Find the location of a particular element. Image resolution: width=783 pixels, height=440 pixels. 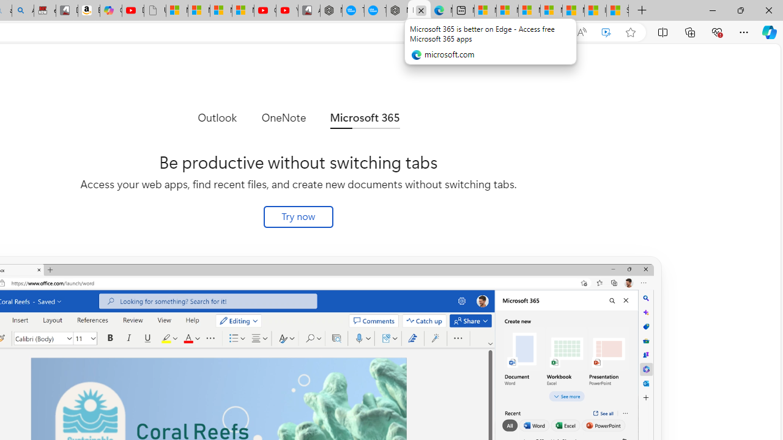

'I Gained 20 Pounds of Muscle in 30 Days! | Watch' is located at coordinates (595, 10).